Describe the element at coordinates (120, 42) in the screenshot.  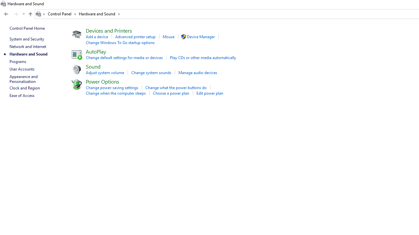
I see `'Change Windows To Go startup options'` at that location.